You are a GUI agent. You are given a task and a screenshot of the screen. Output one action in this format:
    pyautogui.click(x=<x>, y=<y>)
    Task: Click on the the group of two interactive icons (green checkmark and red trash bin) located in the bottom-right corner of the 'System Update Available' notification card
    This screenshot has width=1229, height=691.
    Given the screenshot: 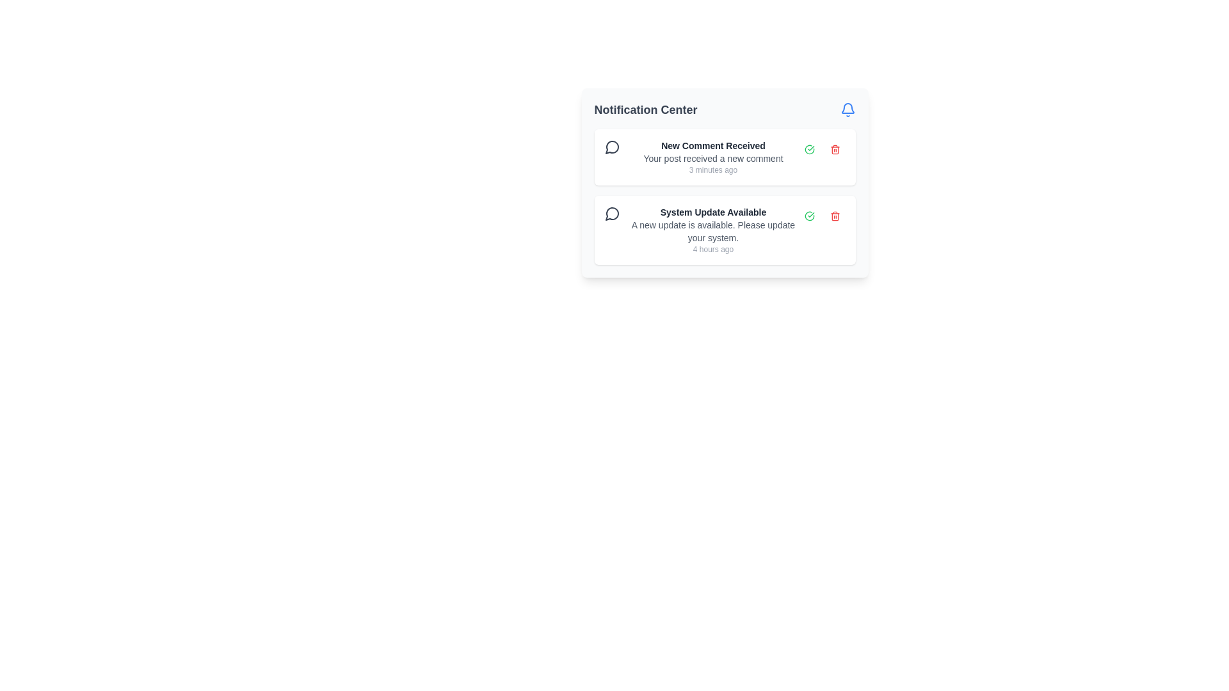 What is the action you would take?
    pyautogui.click(x=822, y=216)
    